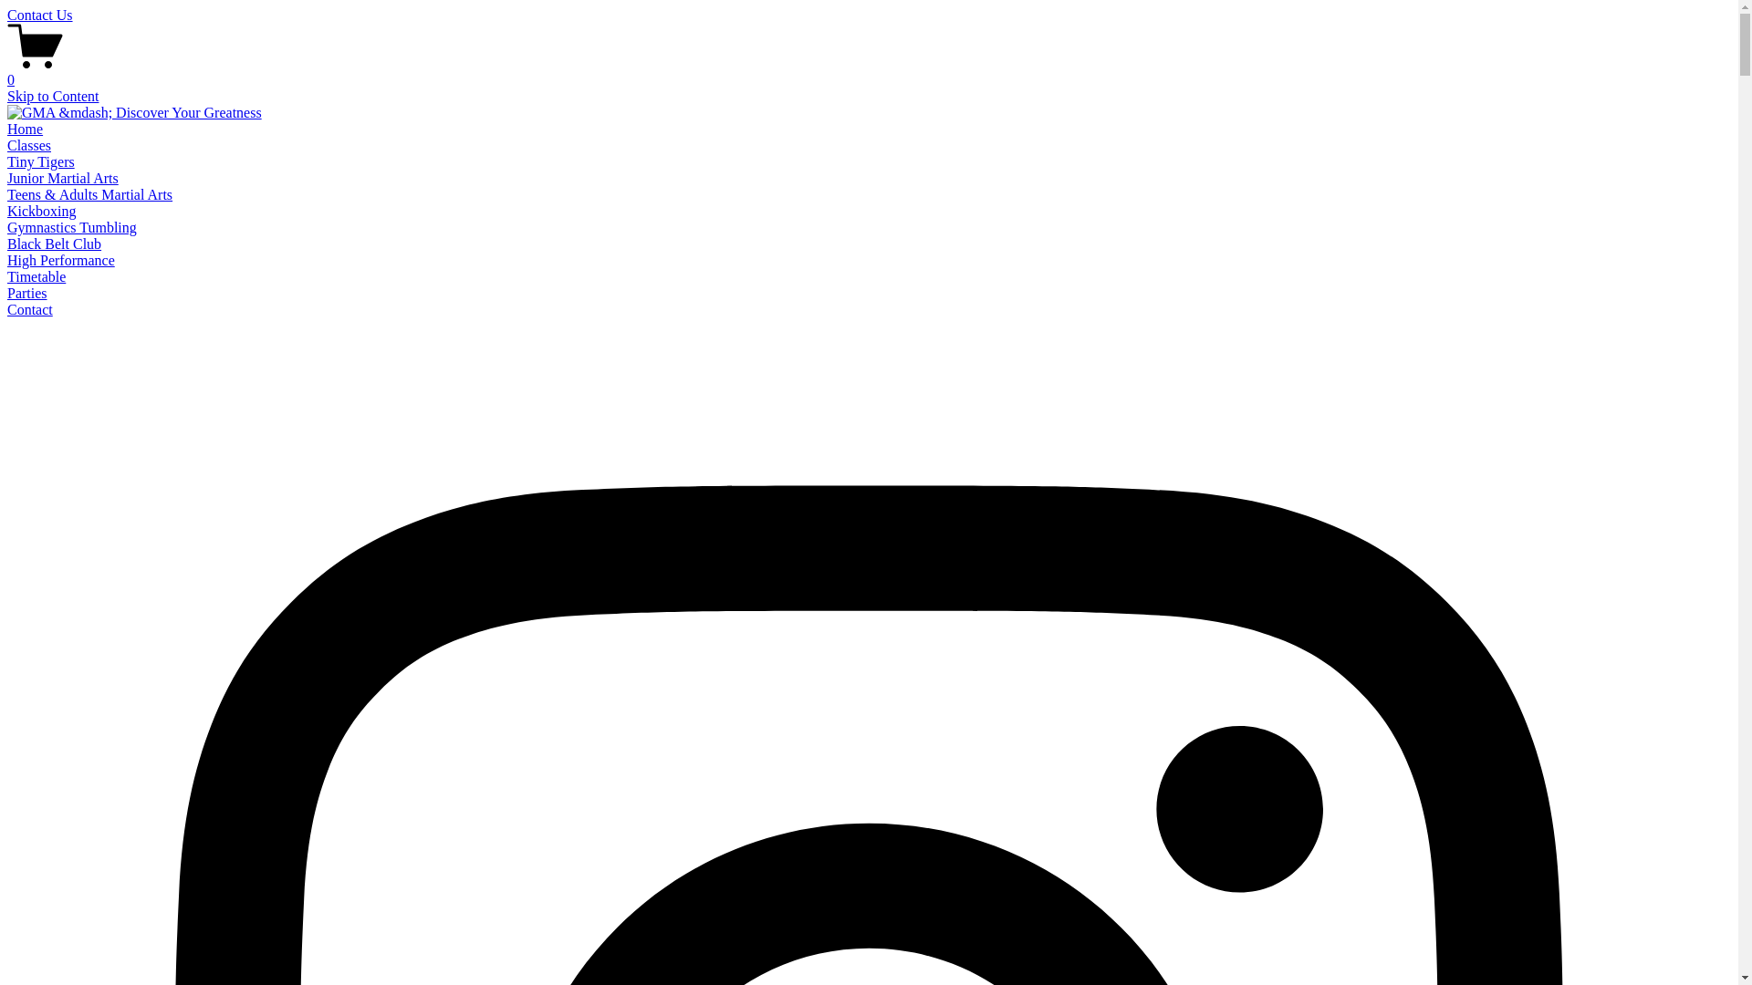  I want to click on 'Teens & Adults Martial Arts', so click(89, 194).